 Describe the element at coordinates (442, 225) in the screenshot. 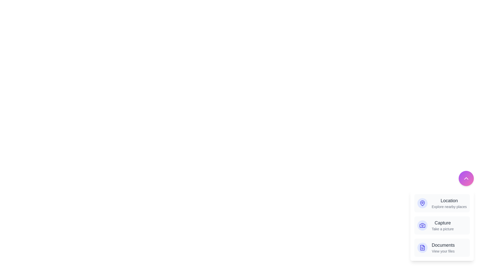

I see `the 'Capture' button to activate the 'Take a picture' action` at that location.